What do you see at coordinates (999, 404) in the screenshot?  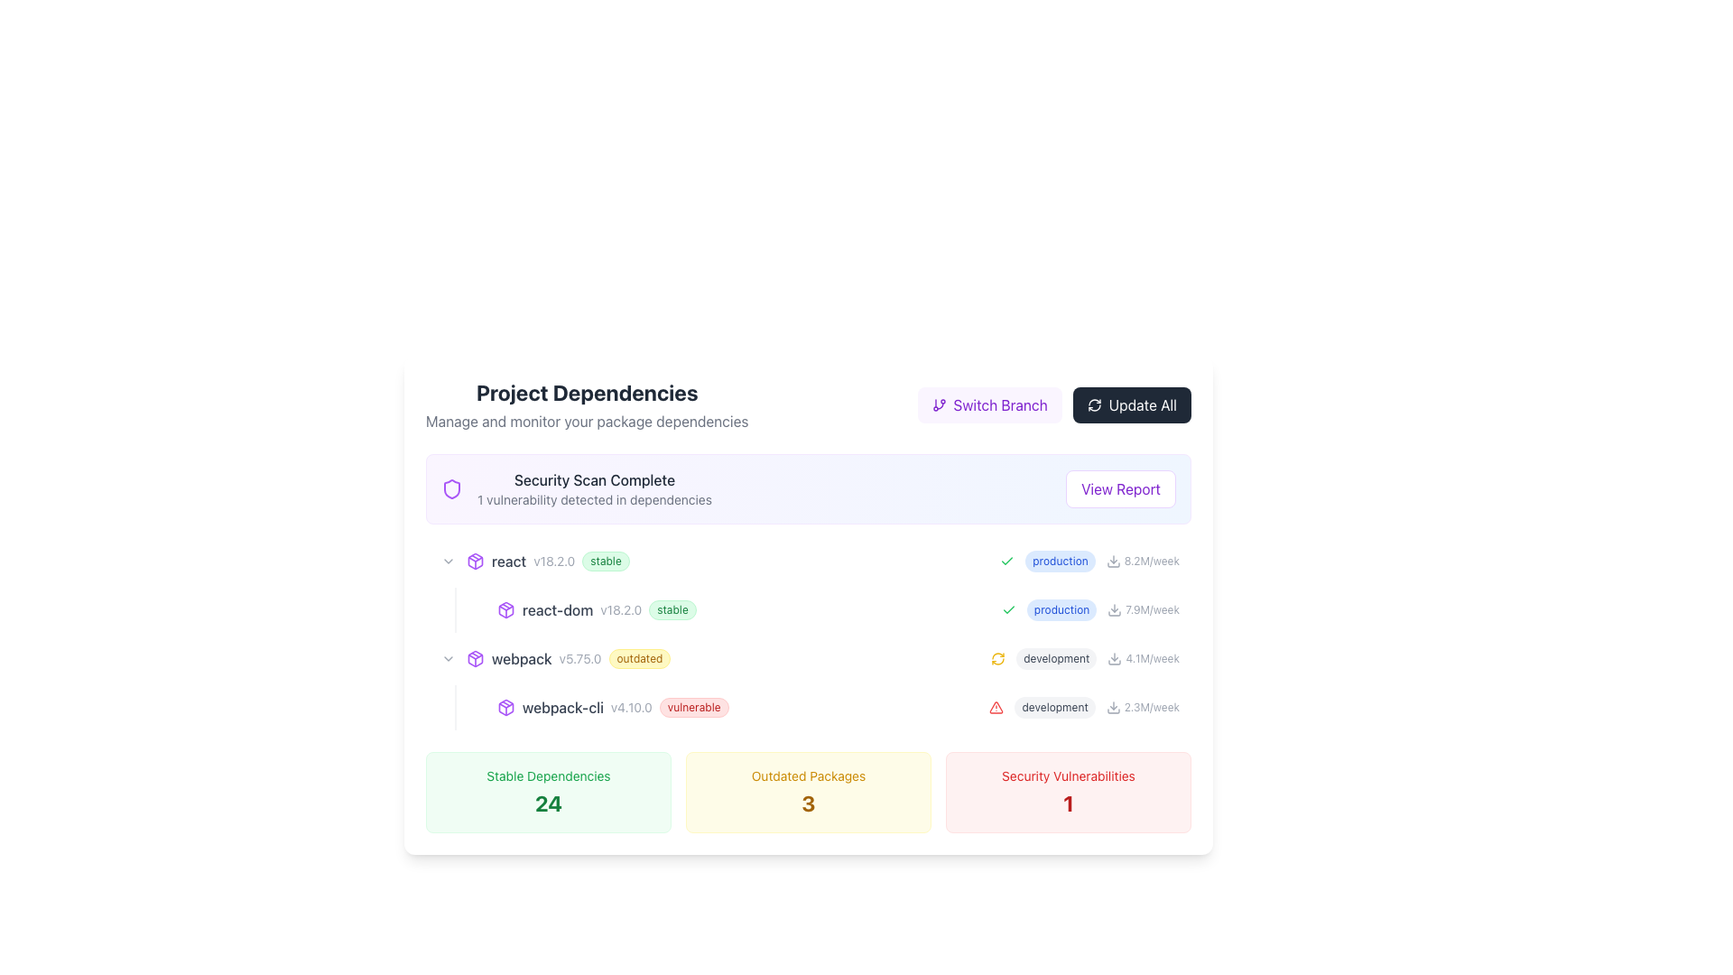 I see `the static text 'Switch Branch' which is styled in purple and is centrally located within a light purple rounded rectangle background, positioned near the top-right of the interface` at bounding box center [999, 404].